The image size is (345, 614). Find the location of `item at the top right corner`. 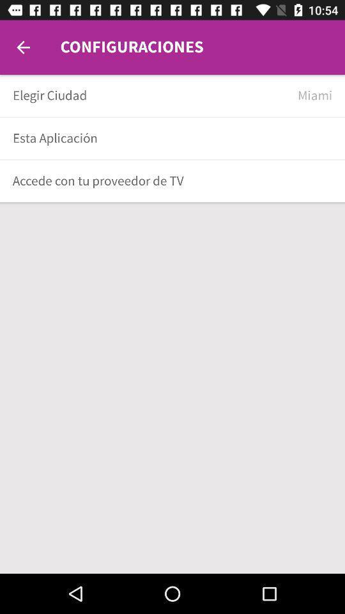

item at the top right corner is located at coordinates (314, 95).